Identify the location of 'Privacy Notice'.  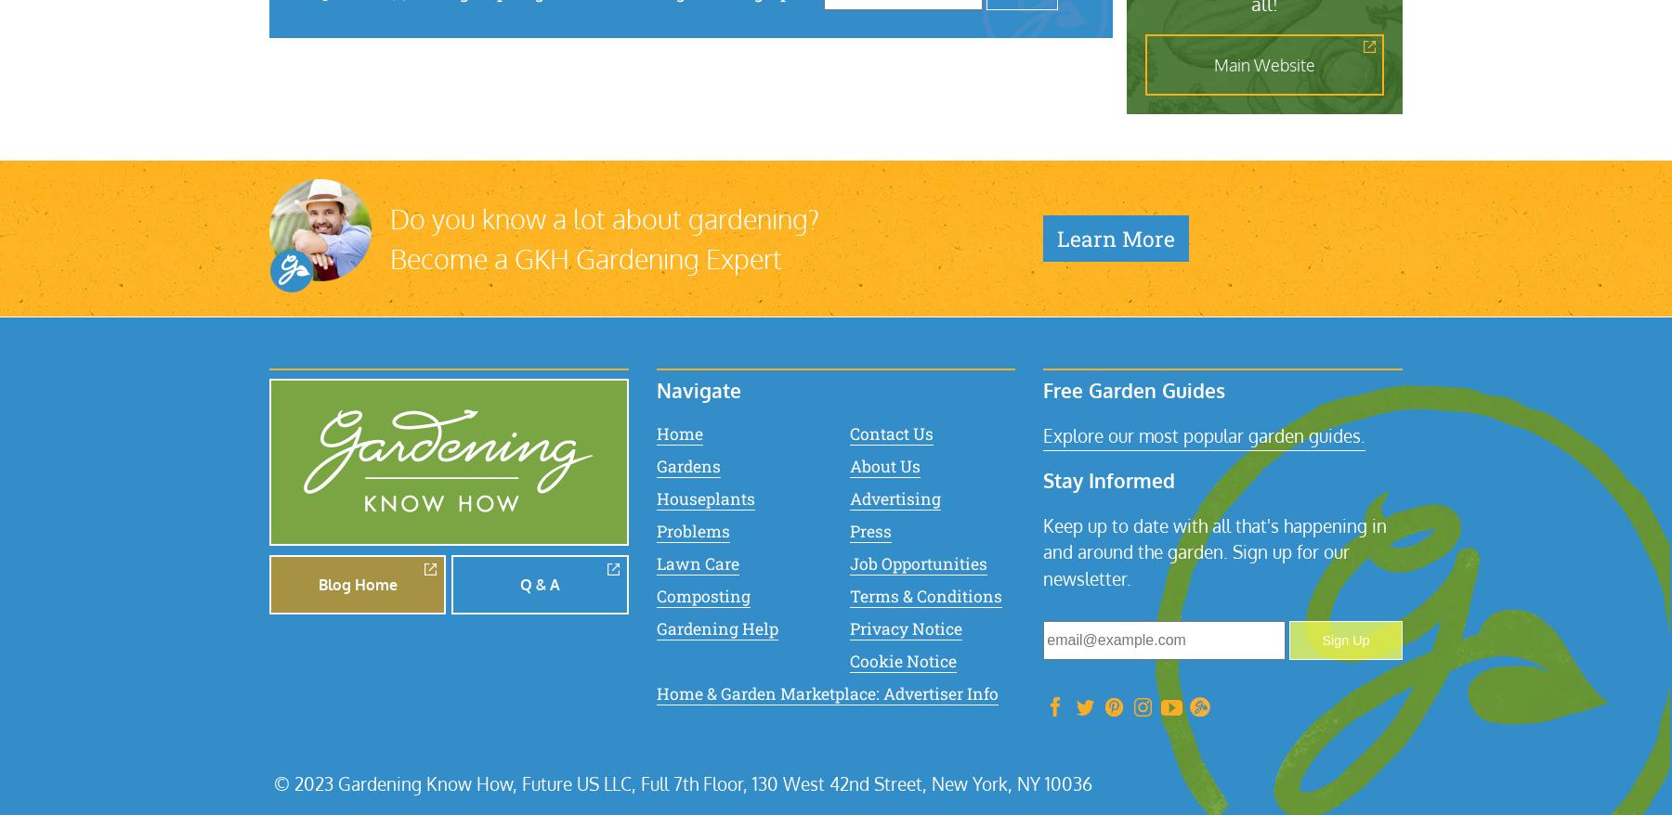
(904, 627).